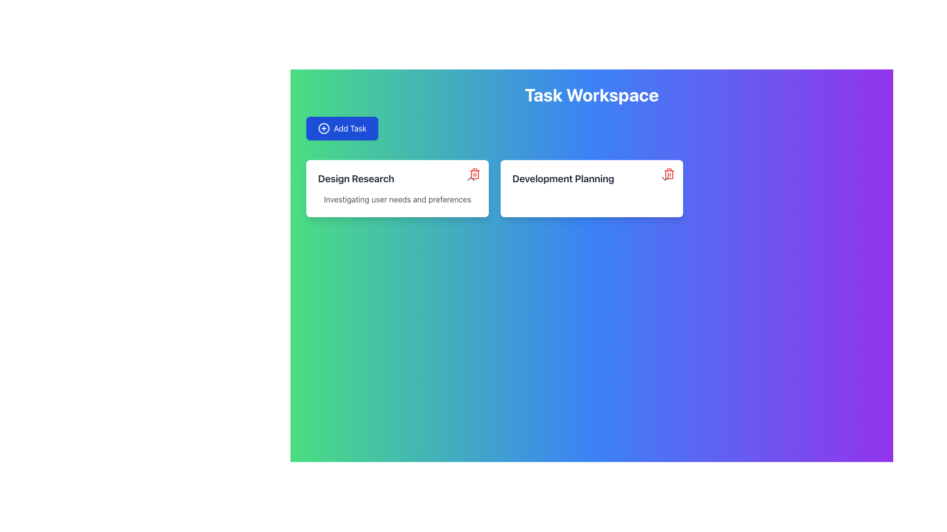 Image resolution: width=947 pixels, height=532 pixels. I want to click on the Text Label that identifies the task card, located at the top-left of a white card within a grid of task cards, so click(356, 178).